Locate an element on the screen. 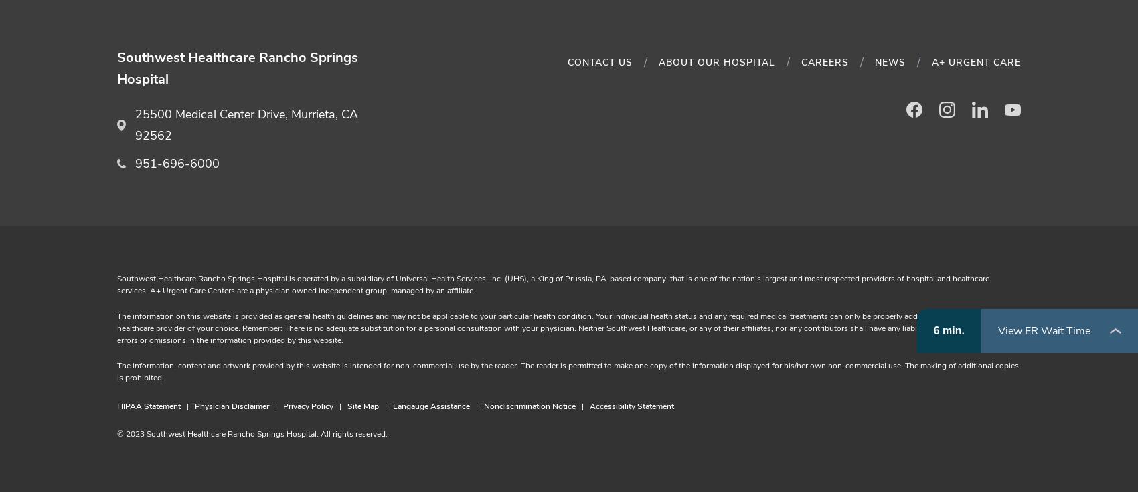  'The information on this website is provided as general health guidelines and may not be applicable to your particular health condition. Your individual health status and any required medical treatments can only be properly addressed by a professional healthcare provider of your choice. Remember: There is no adequate substitution for a personal consultation with your physician. Neither Southwest Healthcare, or any of their affiliates, nor any contributors shall have any liability for the content or any errors or omissions in the information provided by this website.' is located at coordinates (561, 327).